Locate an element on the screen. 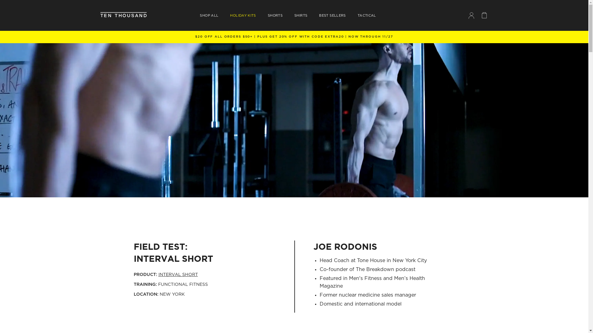 The height and width of the screenshot is (333, 593). 'TACTICAL' is located at coordinates (367, 15).